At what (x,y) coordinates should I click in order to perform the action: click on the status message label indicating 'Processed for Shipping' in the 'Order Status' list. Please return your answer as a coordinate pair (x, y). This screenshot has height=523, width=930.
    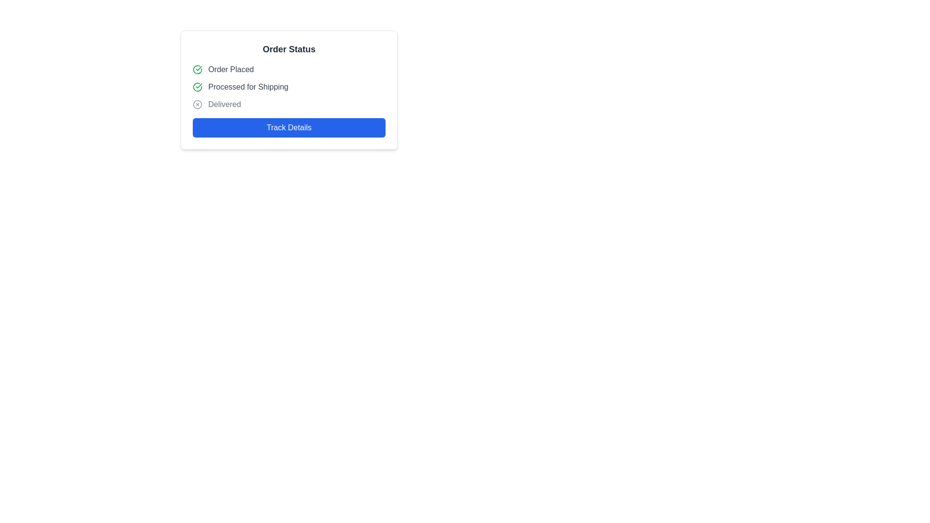
    Looking at the image, I should click on (248, 87).